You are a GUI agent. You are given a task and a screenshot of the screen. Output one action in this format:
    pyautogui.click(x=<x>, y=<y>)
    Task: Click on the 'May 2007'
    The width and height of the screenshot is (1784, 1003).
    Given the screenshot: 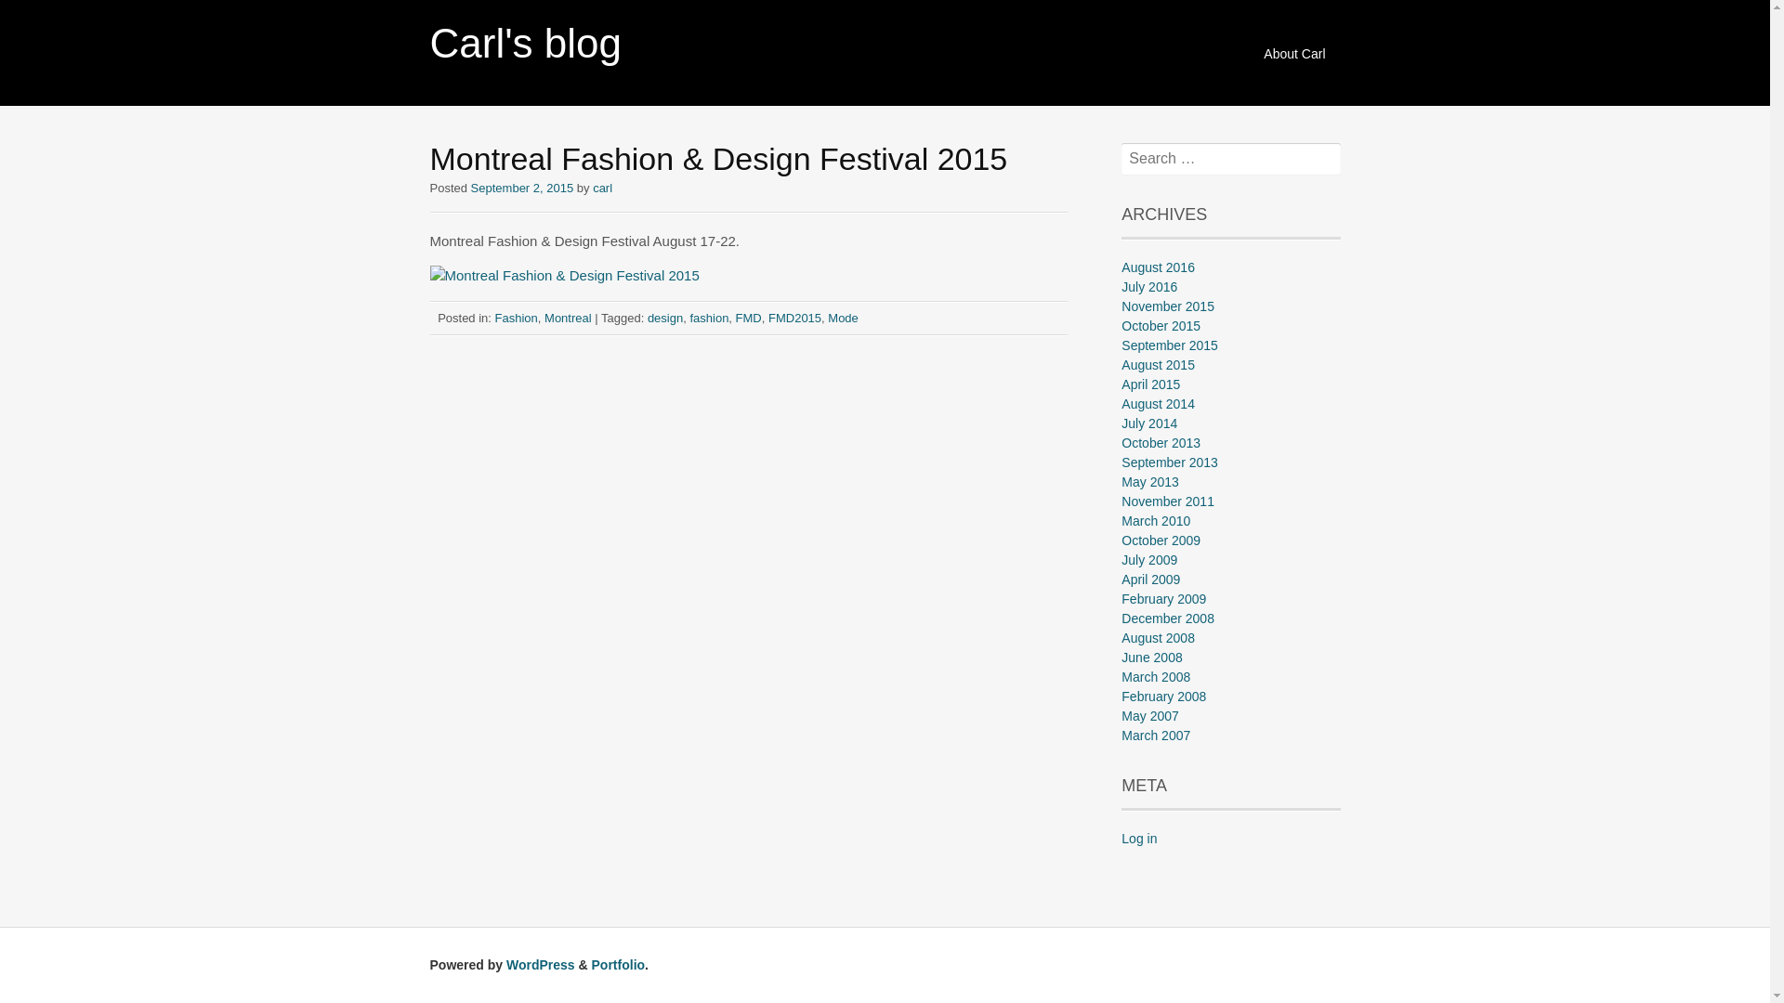 What is the action you would take?
    pyautogui.click(x=1148, y=715)
    